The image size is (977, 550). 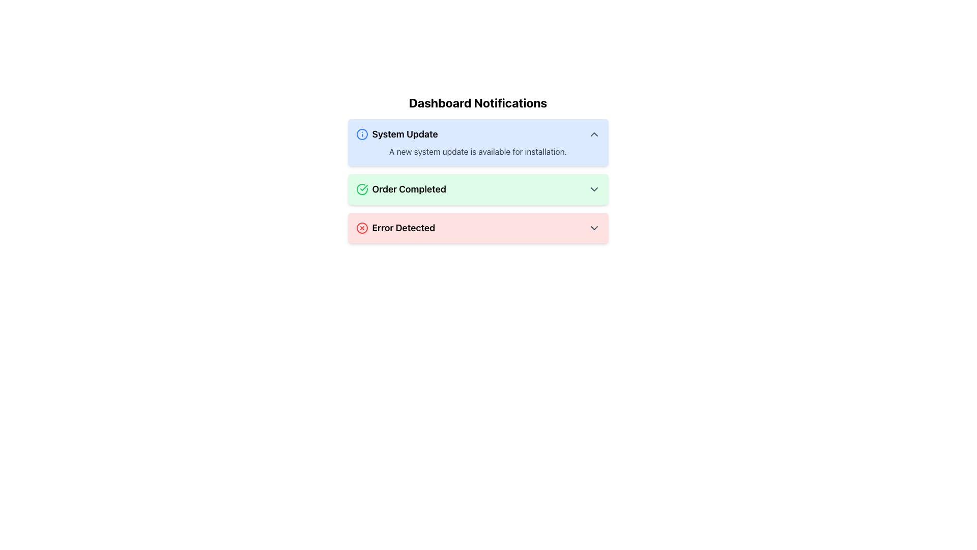 What do you see at coordinates (403, 227) in the screenshot?
I see `text displaying 'Error Detected' which is bold and rendered in black on a pink background, located on the third notification card in the list` at bounding box center [403, 227].